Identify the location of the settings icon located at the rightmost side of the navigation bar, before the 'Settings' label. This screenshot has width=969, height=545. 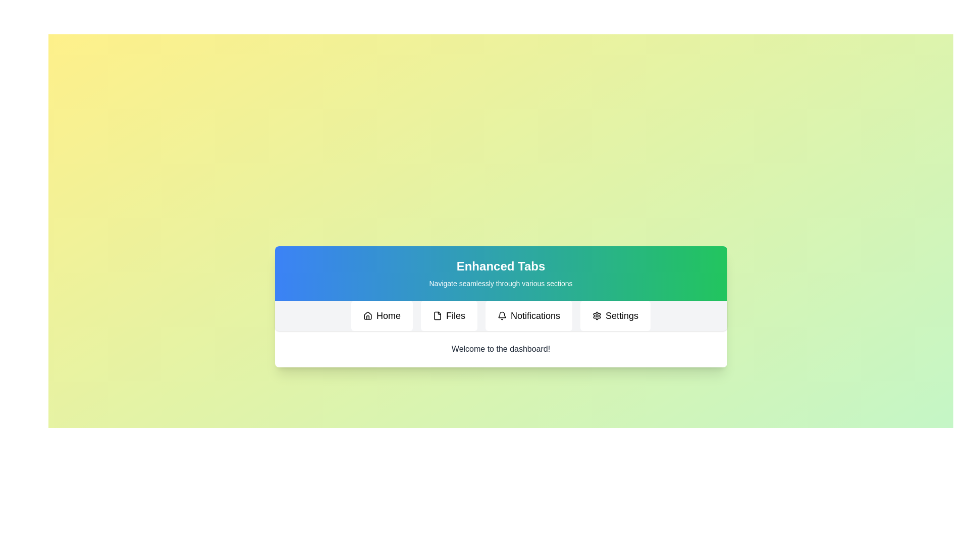
(597, 315).